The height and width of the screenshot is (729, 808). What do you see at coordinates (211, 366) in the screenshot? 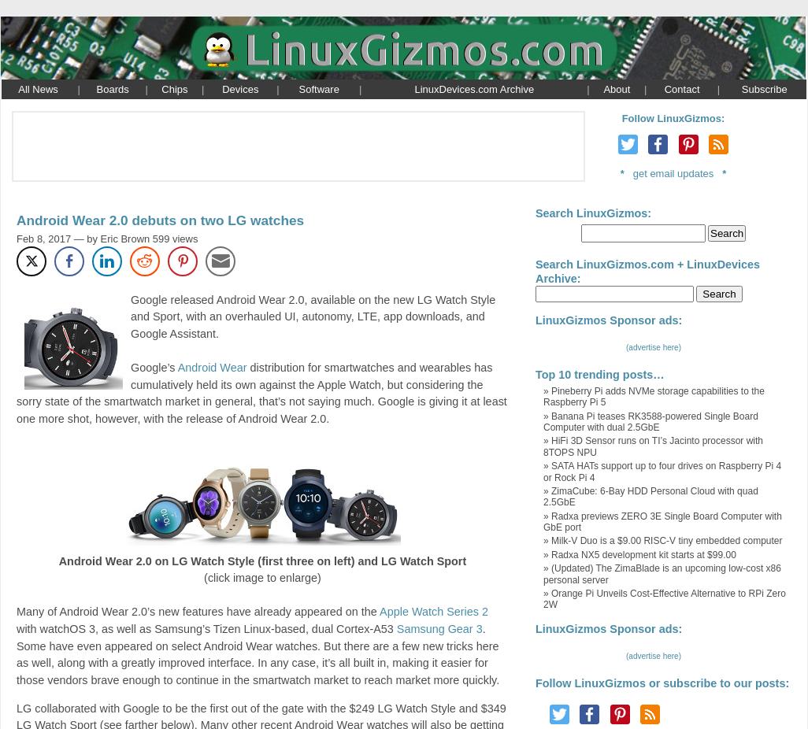
I see `'Android Wear'` at bounding box center [211, 366].